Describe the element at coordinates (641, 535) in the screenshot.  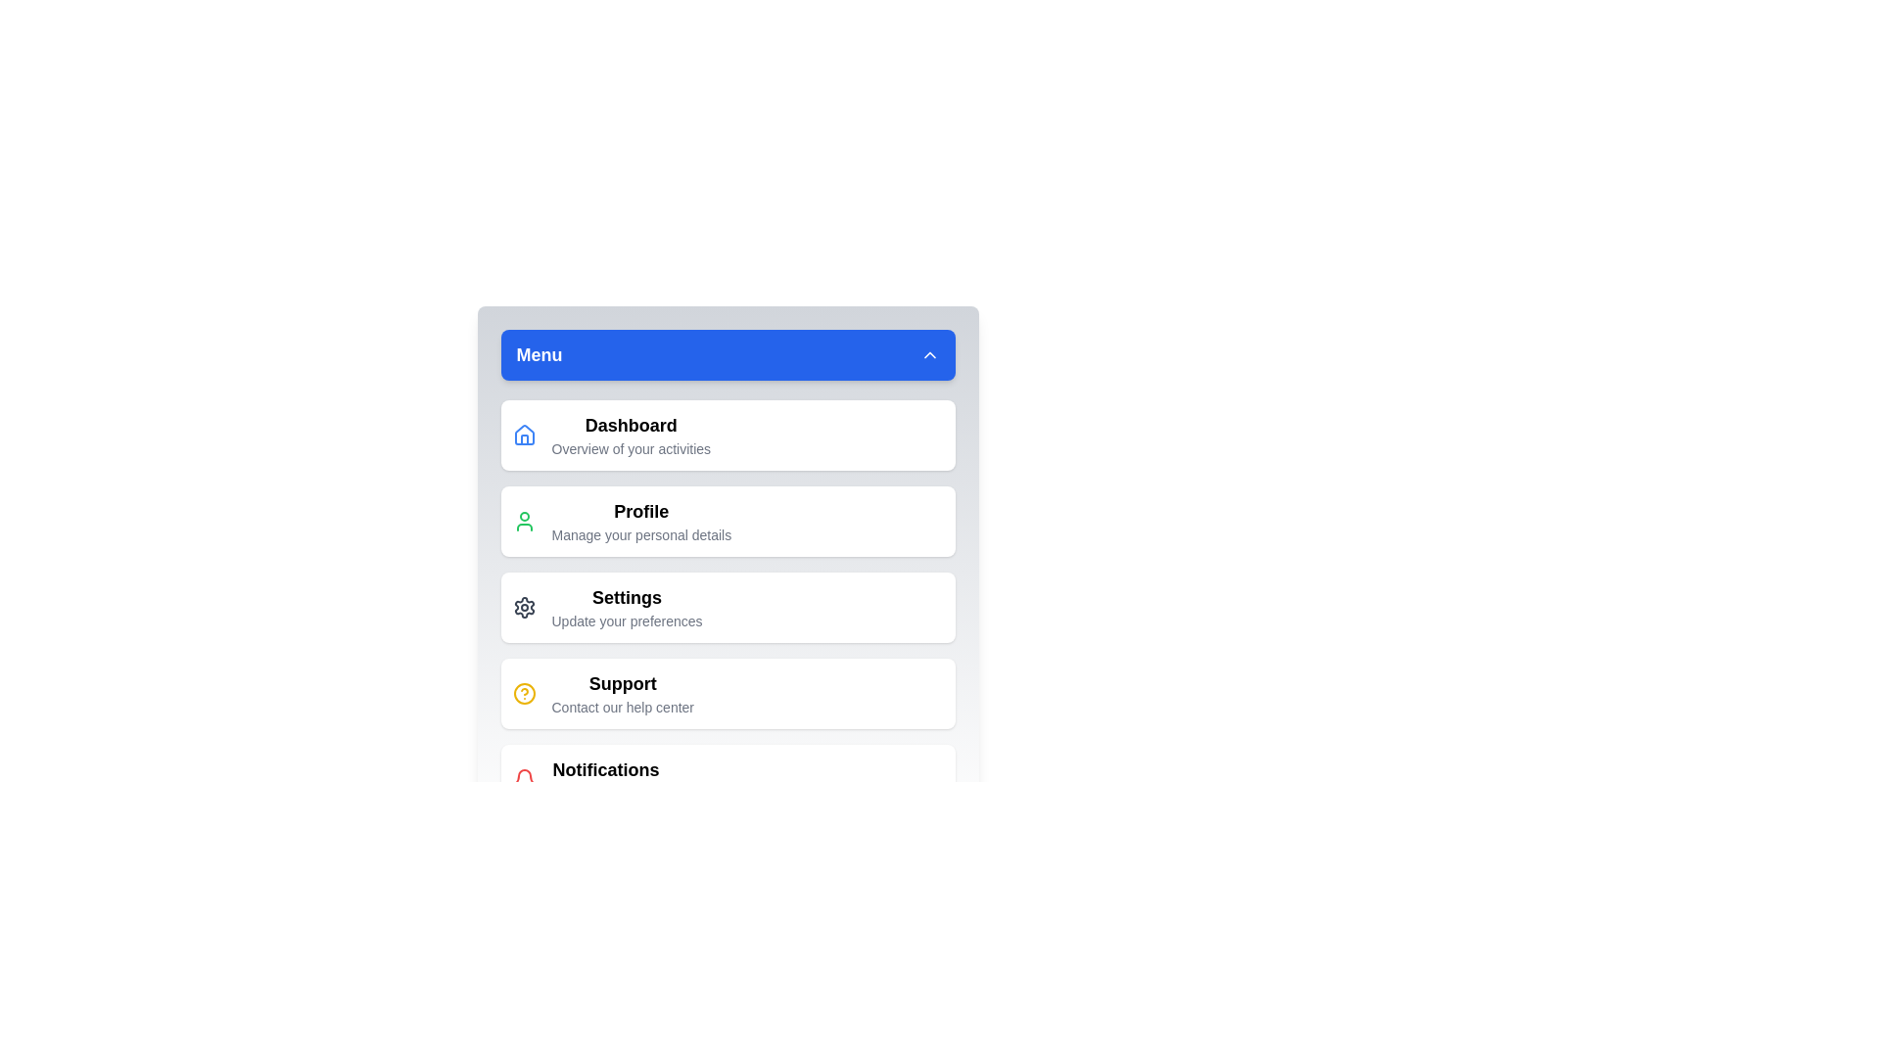
I see `the descriptive label in the 'Profile' section that provides additional information about managing personal details` at that location.